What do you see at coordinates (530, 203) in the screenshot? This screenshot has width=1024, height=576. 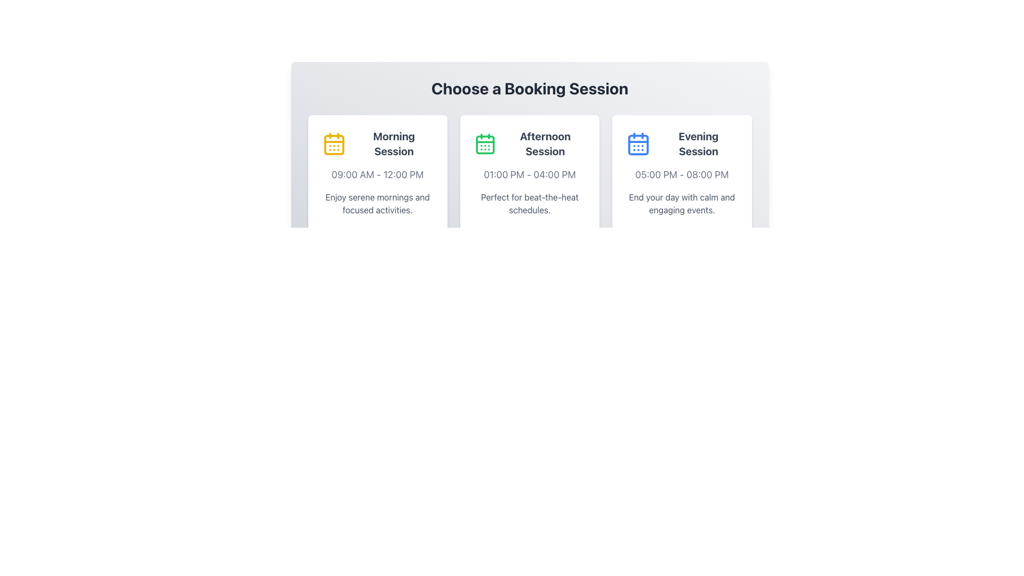 I see `descriptive text located underneath the title 'Afternoon Session' and the time slot '01:00 PM - 04:00 PM' in the central white card of the 3-card layout` at bounding box center [530, 203].